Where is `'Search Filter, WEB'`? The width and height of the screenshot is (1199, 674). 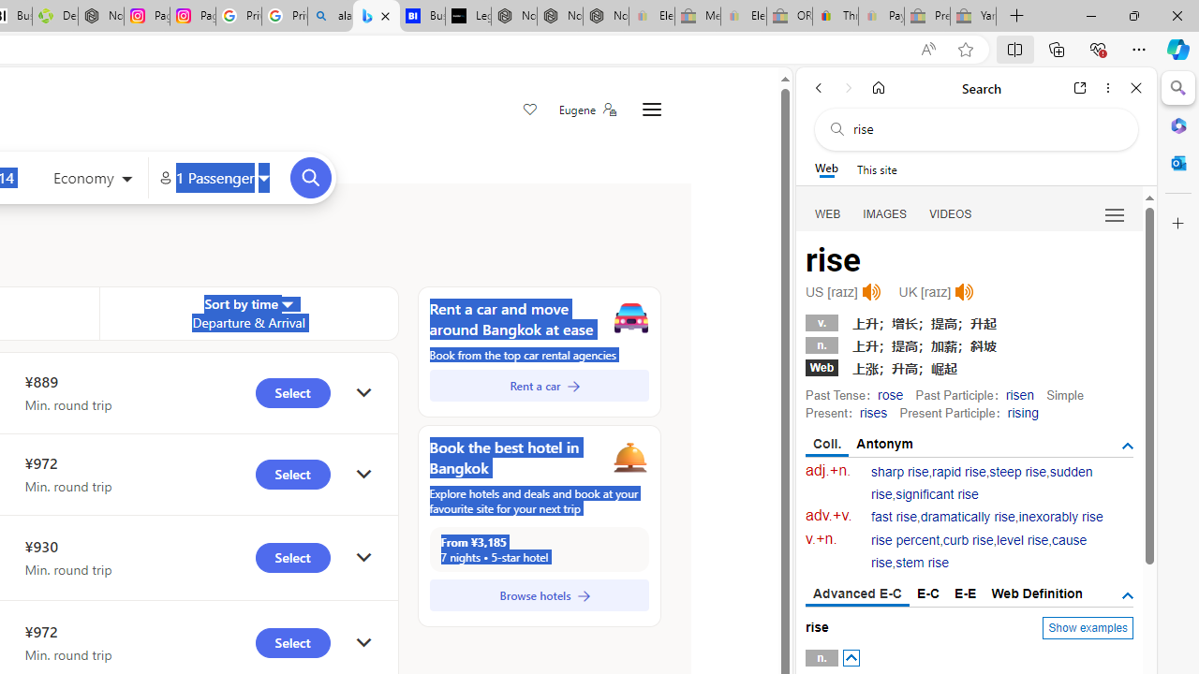 'Search Filter, WEB' is located at coordinates (827, 212).